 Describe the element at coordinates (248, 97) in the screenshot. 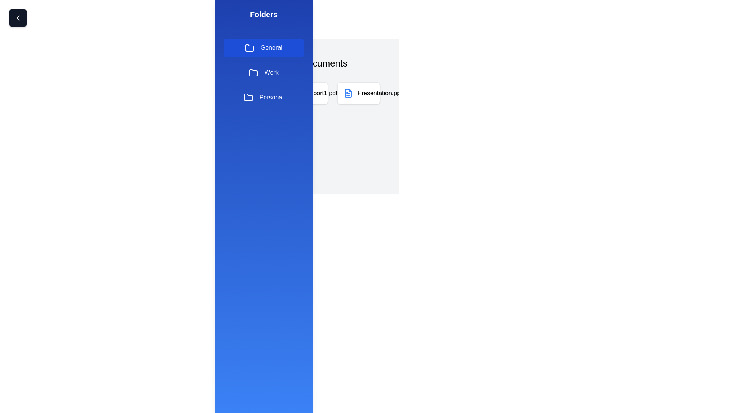

I see `the Decorative folder icon representing the 'Personal' folder, which features a rounded top-right corner and a downward-slanting left edge, styled with a blue gradient, located in the vertical folder list` at that location.